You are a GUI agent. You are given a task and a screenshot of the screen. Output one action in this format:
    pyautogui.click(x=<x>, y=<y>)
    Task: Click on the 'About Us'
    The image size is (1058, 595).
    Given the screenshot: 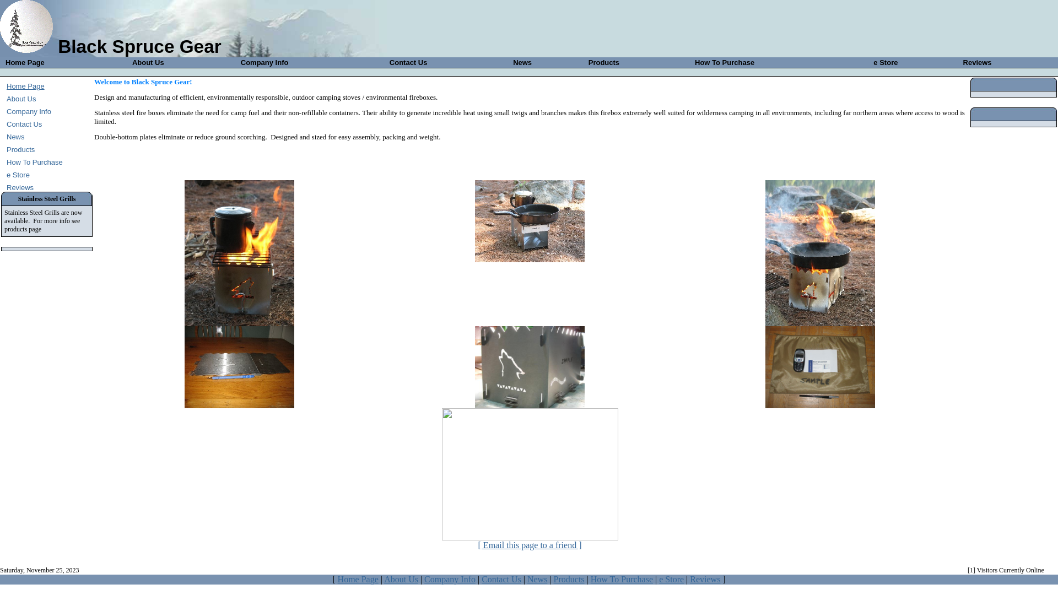 What is the action you would take?
    pyautogui.click(x=401, y=578)
    